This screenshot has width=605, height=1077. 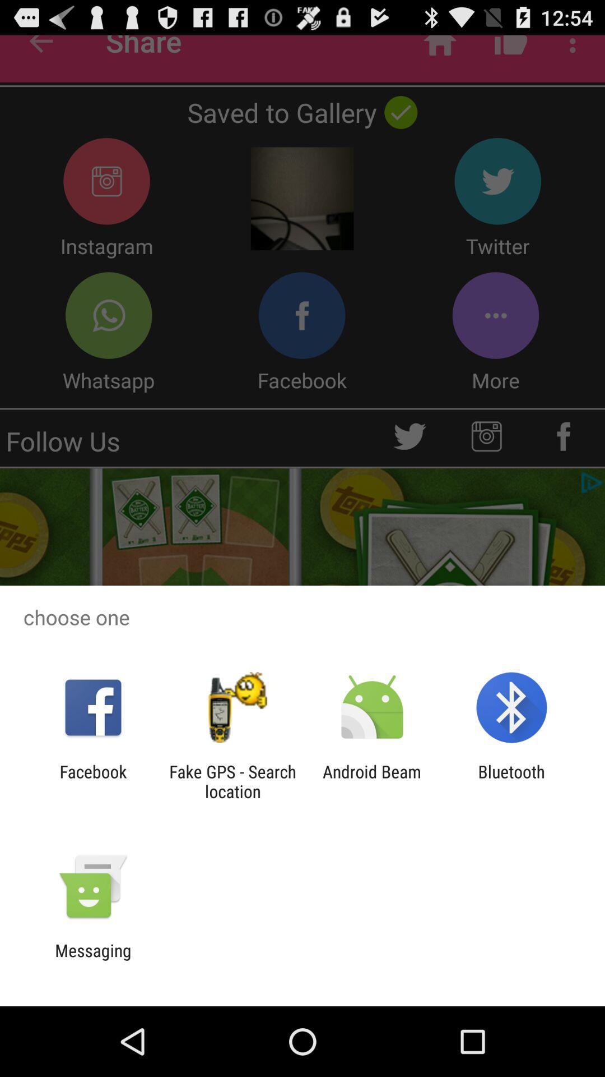 I want to click on facebook icon, so click(x=92, y=781).